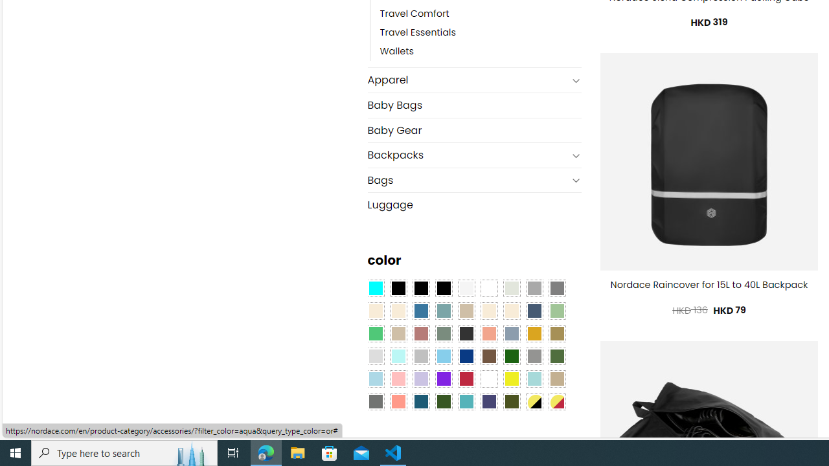  I want to click on 'Travel Essentials', so click(418, 32).